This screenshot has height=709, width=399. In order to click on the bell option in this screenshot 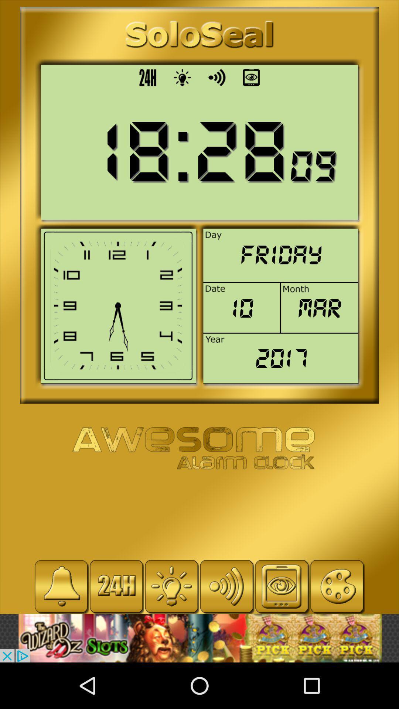, I will do `click(61, 586)`.